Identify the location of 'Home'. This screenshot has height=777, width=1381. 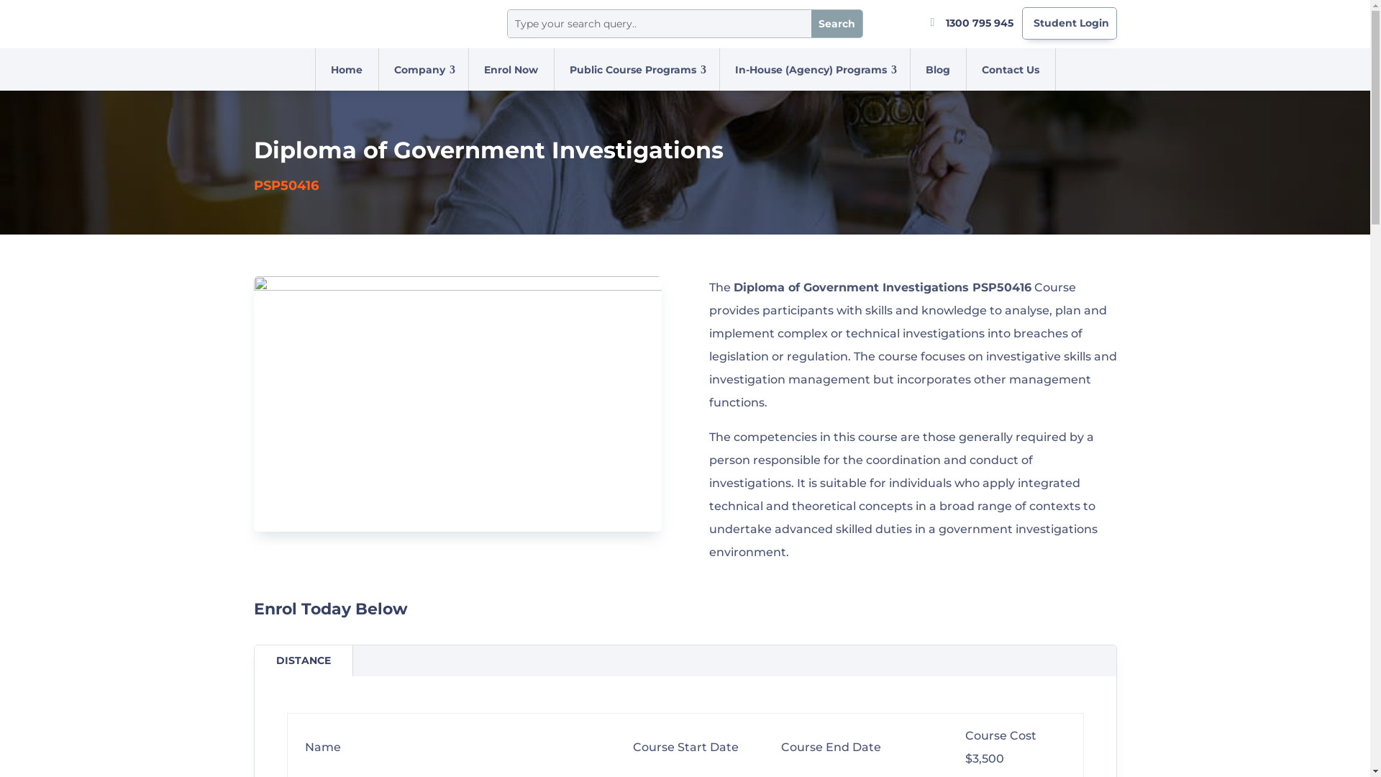
(323, 69).